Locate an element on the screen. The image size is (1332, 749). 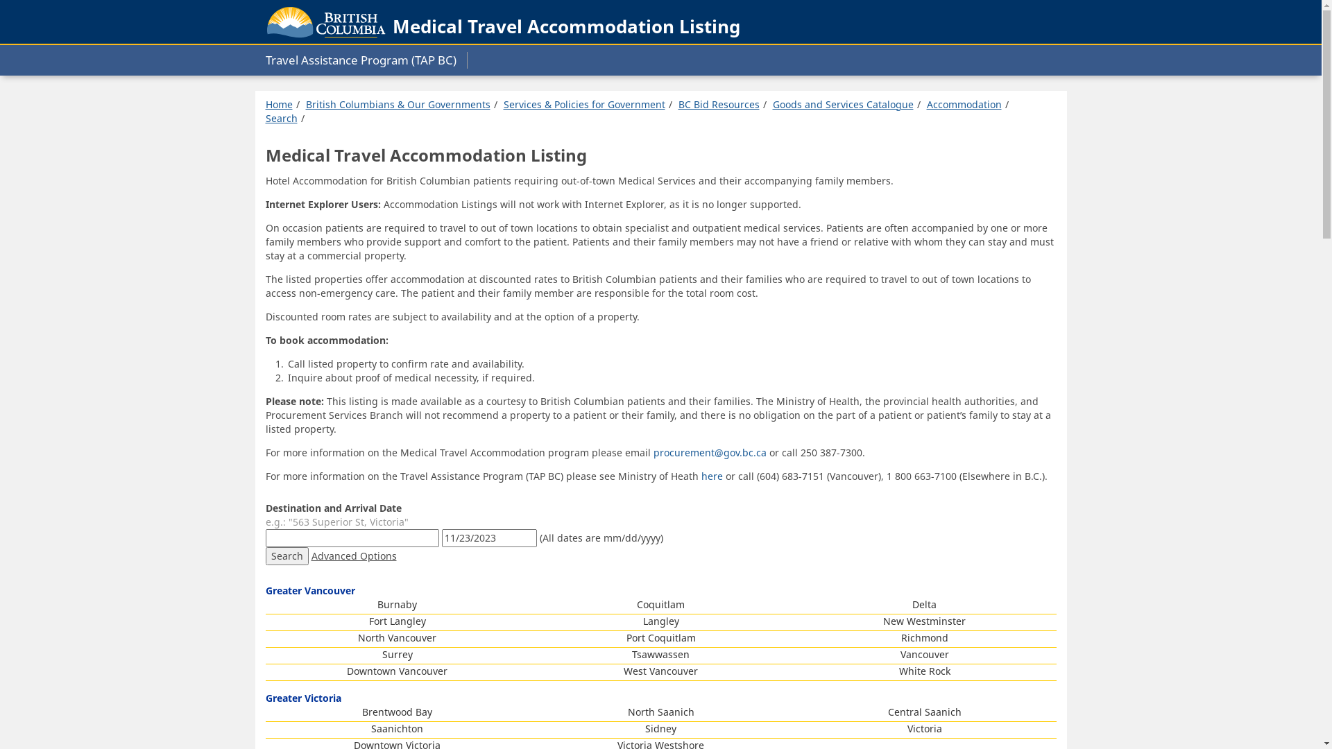
'New Westminster' is located at coordinates (924, 620).